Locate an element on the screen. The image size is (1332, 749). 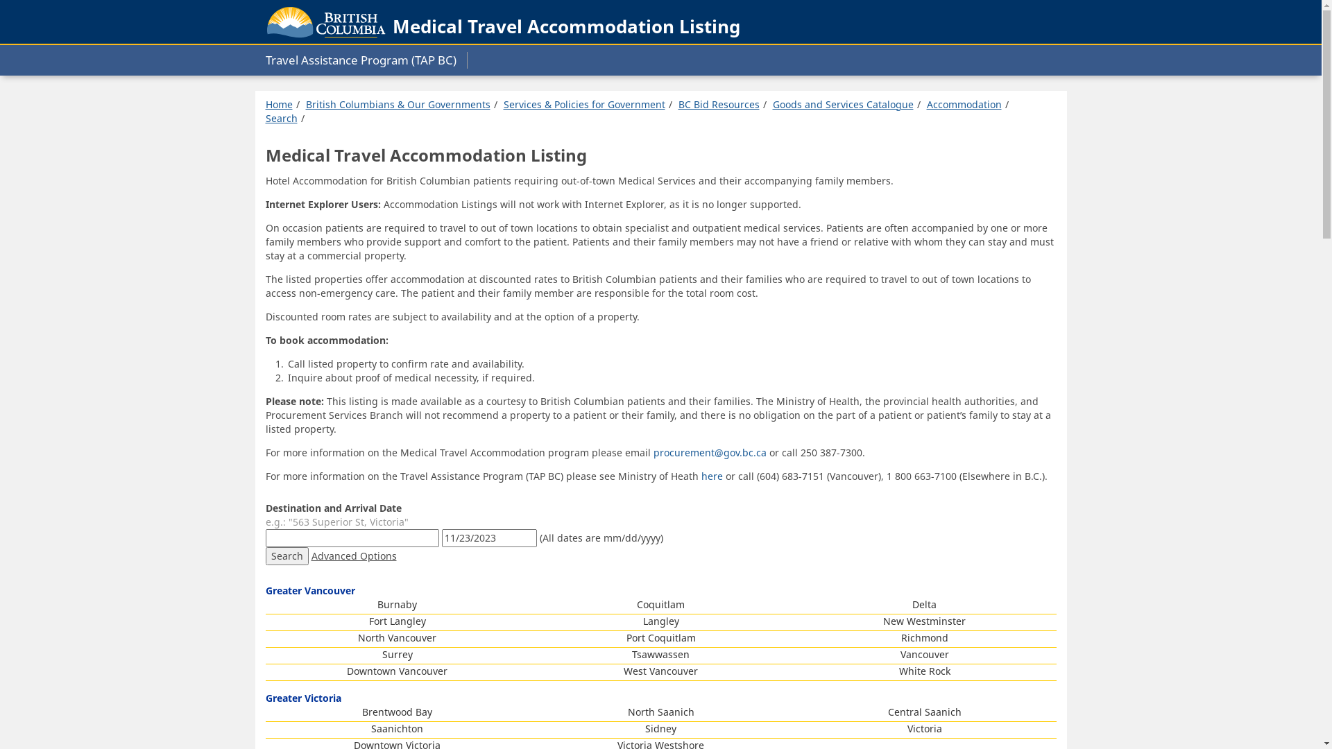
'New Westminster' is located at coordinates (924, 620).